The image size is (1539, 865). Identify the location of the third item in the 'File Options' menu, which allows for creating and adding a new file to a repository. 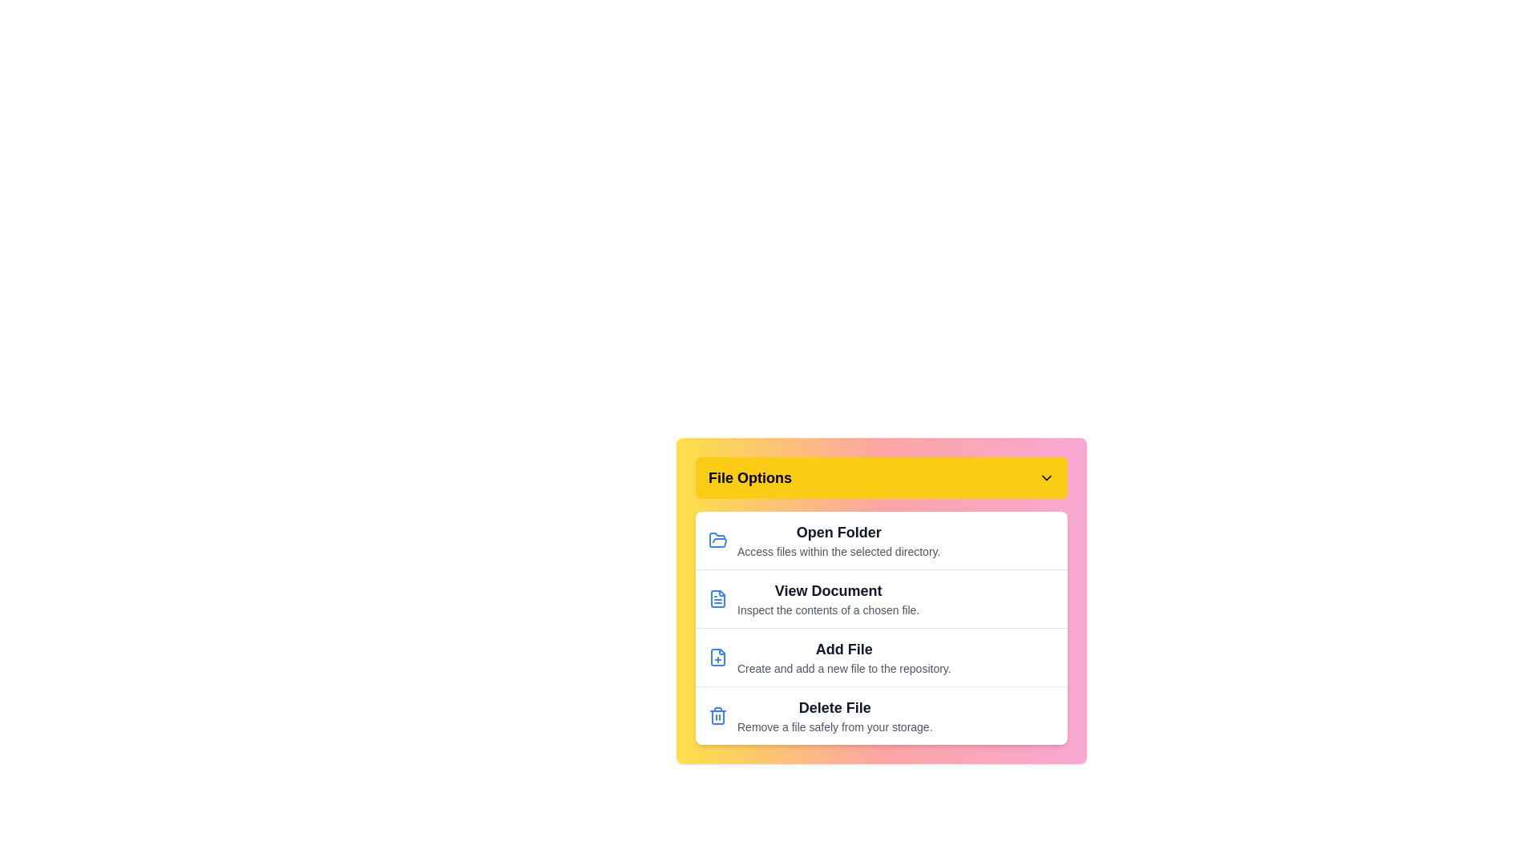
(880, 657).